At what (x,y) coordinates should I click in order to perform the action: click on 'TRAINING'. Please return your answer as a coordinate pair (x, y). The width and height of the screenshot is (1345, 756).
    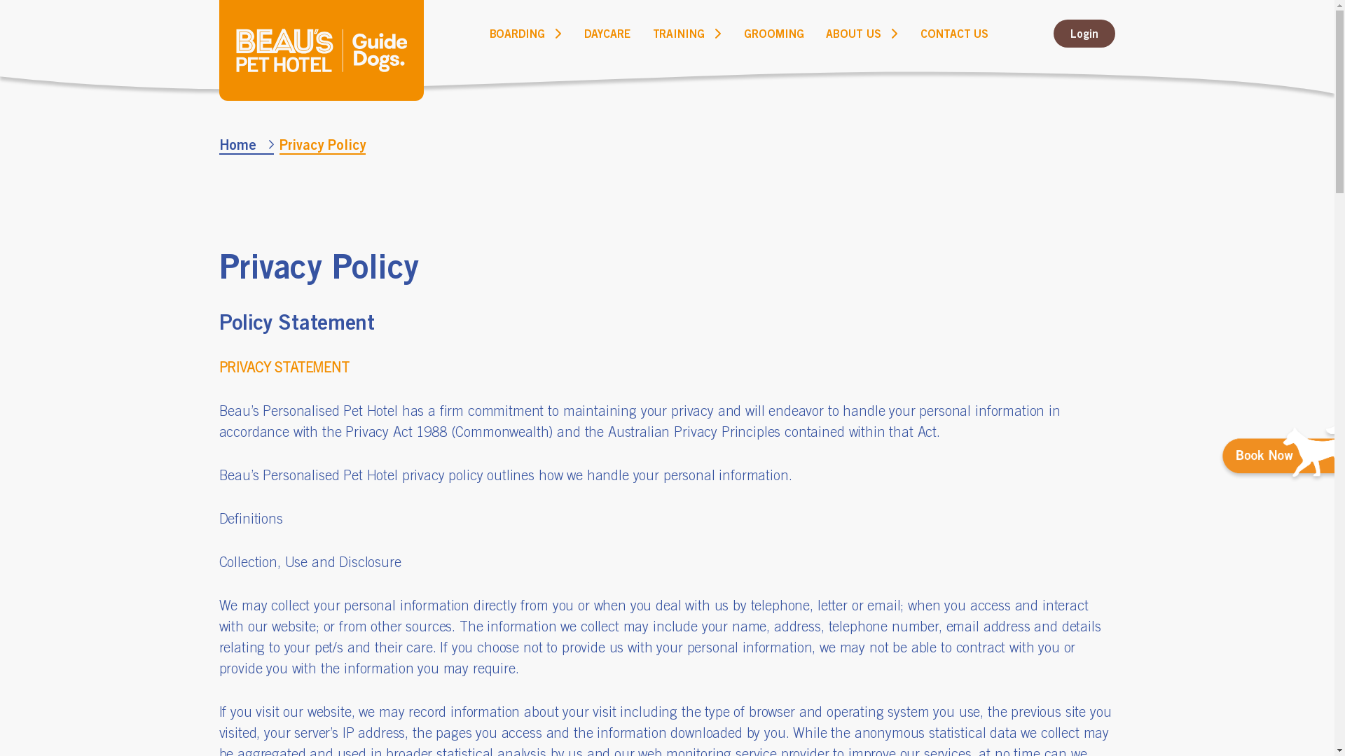
    Looking at the image, I should click on (679, 32).